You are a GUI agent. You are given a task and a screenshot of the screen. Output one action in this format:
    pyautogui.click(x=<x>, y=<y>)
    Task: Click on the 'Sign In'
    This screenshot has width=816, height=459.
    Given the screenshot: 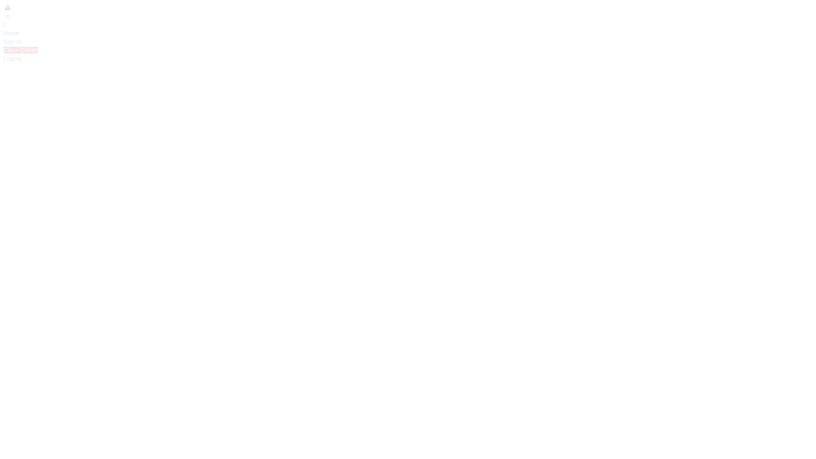 What is the action you would take?
    pyautogui.click(x=3, y=41)
    